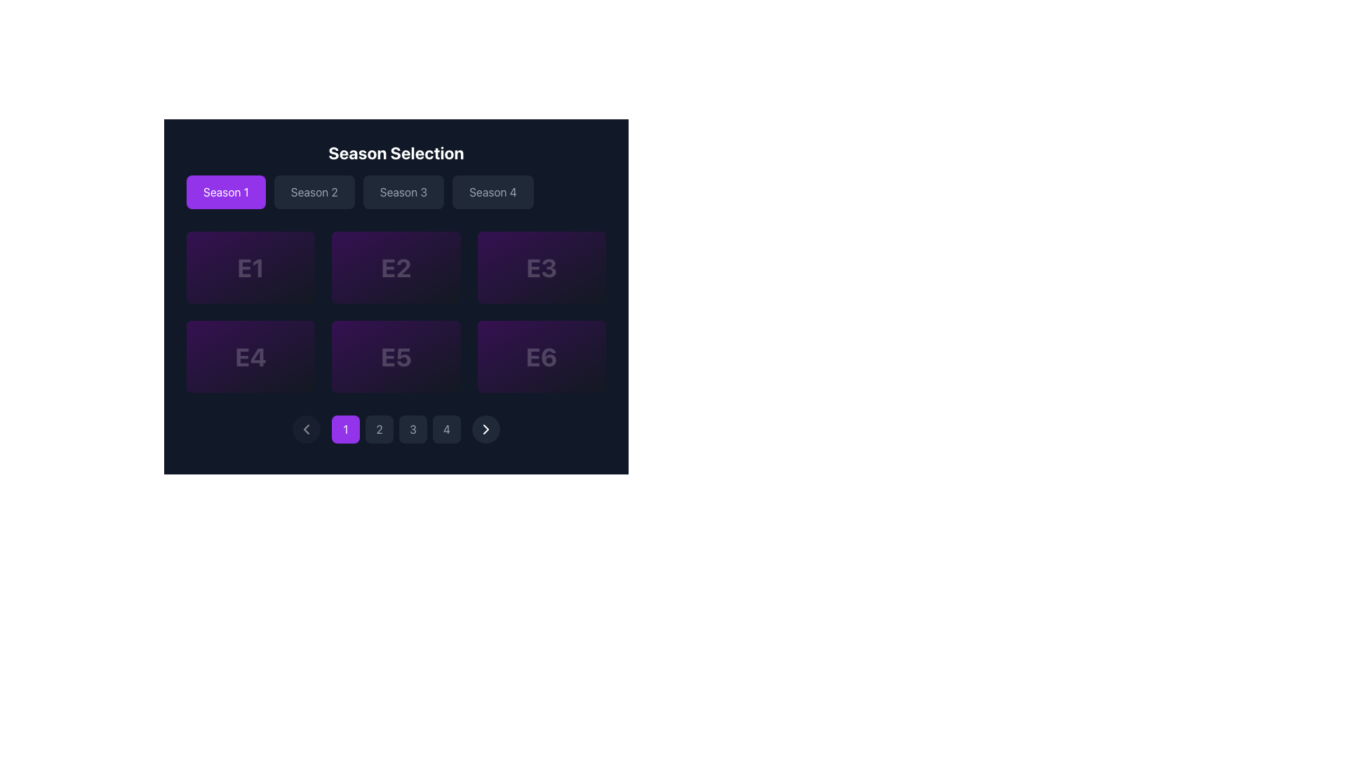  What do you see at coordinates (226, 192) in the screenshot?
I see `the leftmost button labeled 'Season 1'` at bounding box center [226, 192].